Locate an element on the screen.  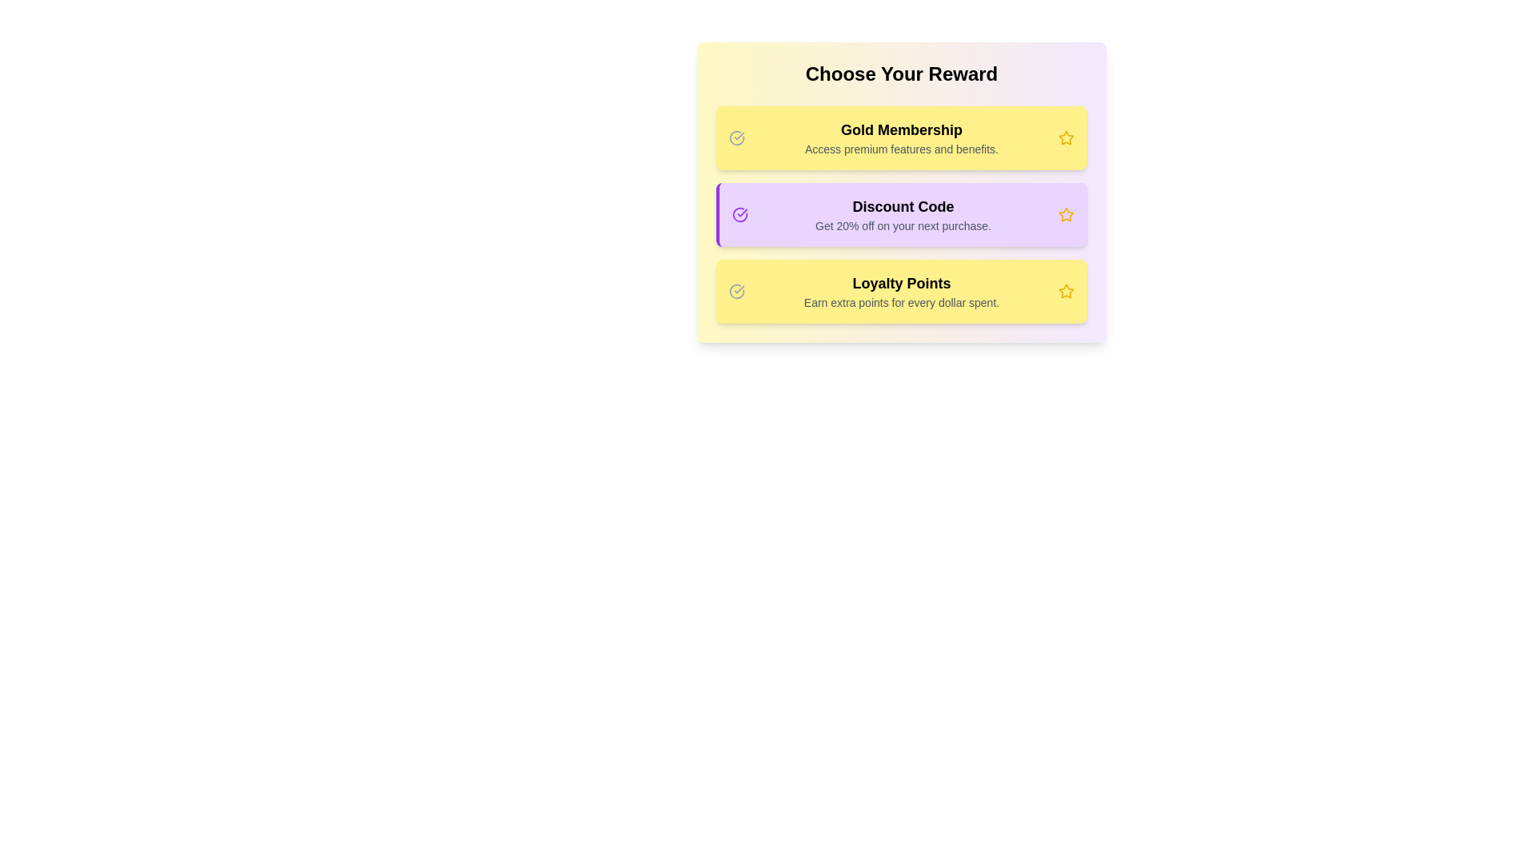
the reward description text of Gold Membership is located at coordinates (902, 137).